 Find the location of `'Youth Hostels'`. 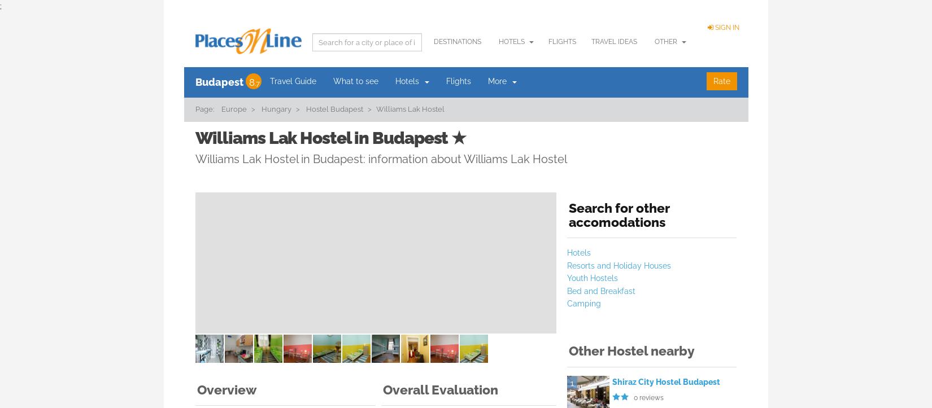

'Youth Hostels' is located at coordinates (593, 278).